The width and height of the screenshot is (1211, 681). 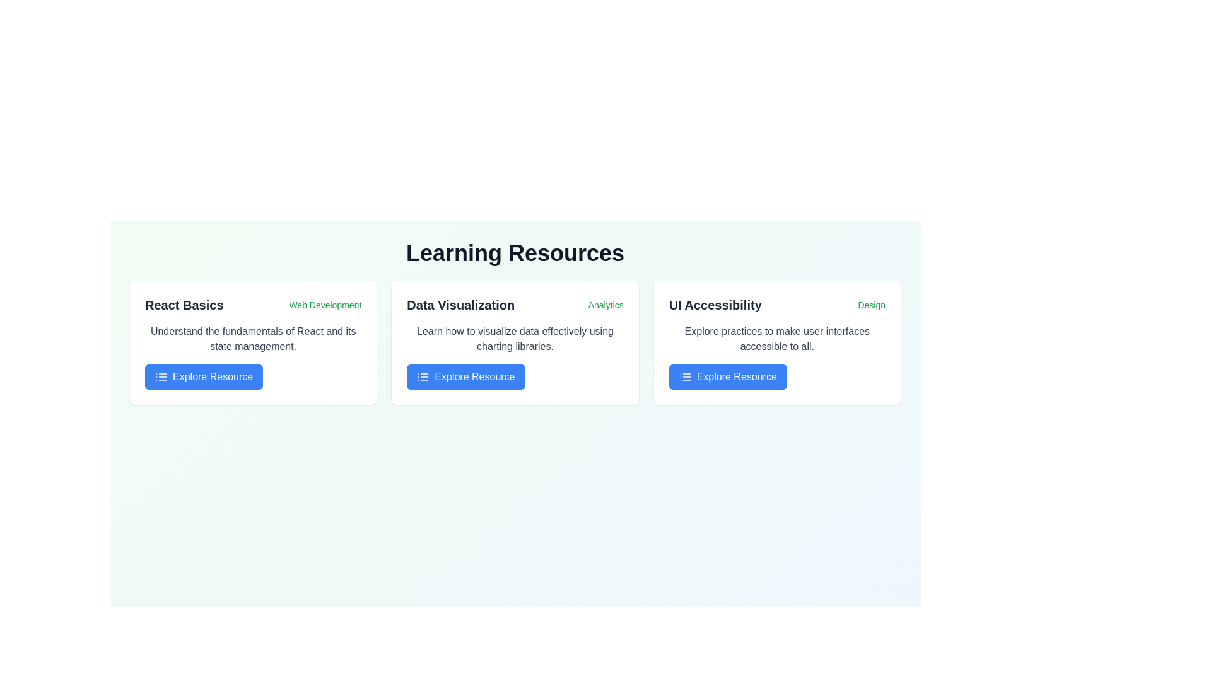 I want to click on the icon representing the concept of exploring or listing resources, which is located on the leftmost part of the 'Explore Resource' button within the 'Data Visualization' card, so click(x=423, y=376).